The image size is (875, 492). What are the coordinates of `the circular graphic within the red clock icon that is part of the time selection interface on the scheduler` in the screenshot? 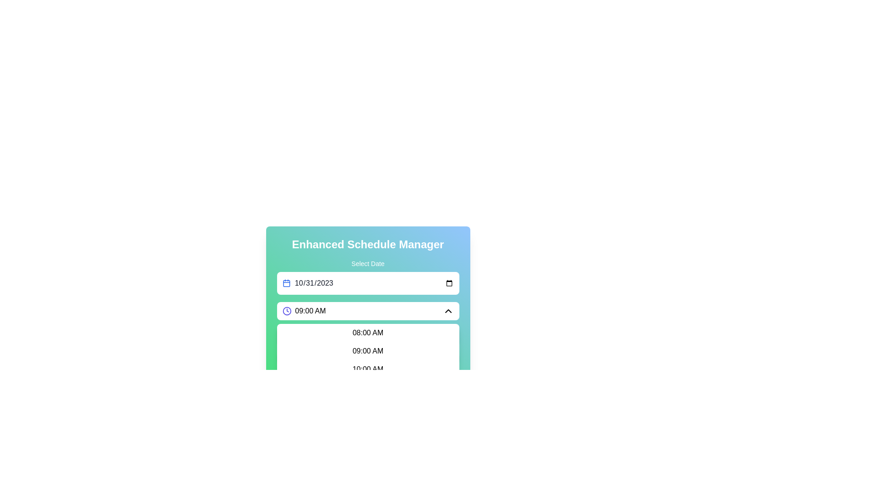 It's located at (286, 310).